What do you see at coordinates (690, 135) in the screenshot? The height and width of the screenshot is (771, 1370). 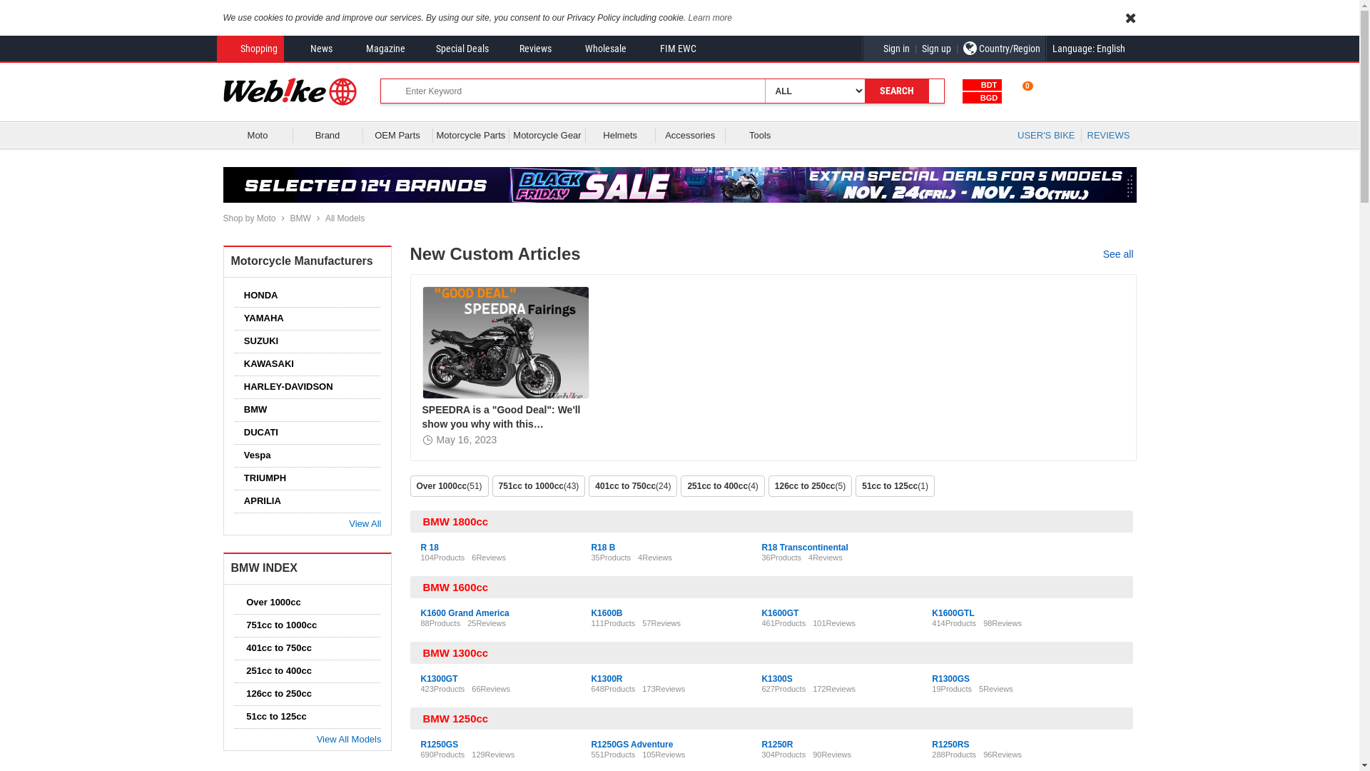 I see `'Accessories'` at bounding box center [690, 135].